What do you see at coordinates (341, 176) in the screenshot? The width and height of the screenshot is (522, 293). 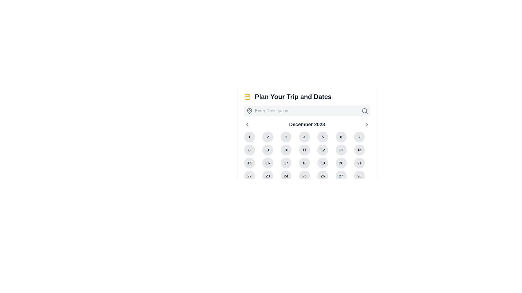 I see `the circular button labeled '27' in the December 2023 calendar interface` at bounding box center [341, 176].